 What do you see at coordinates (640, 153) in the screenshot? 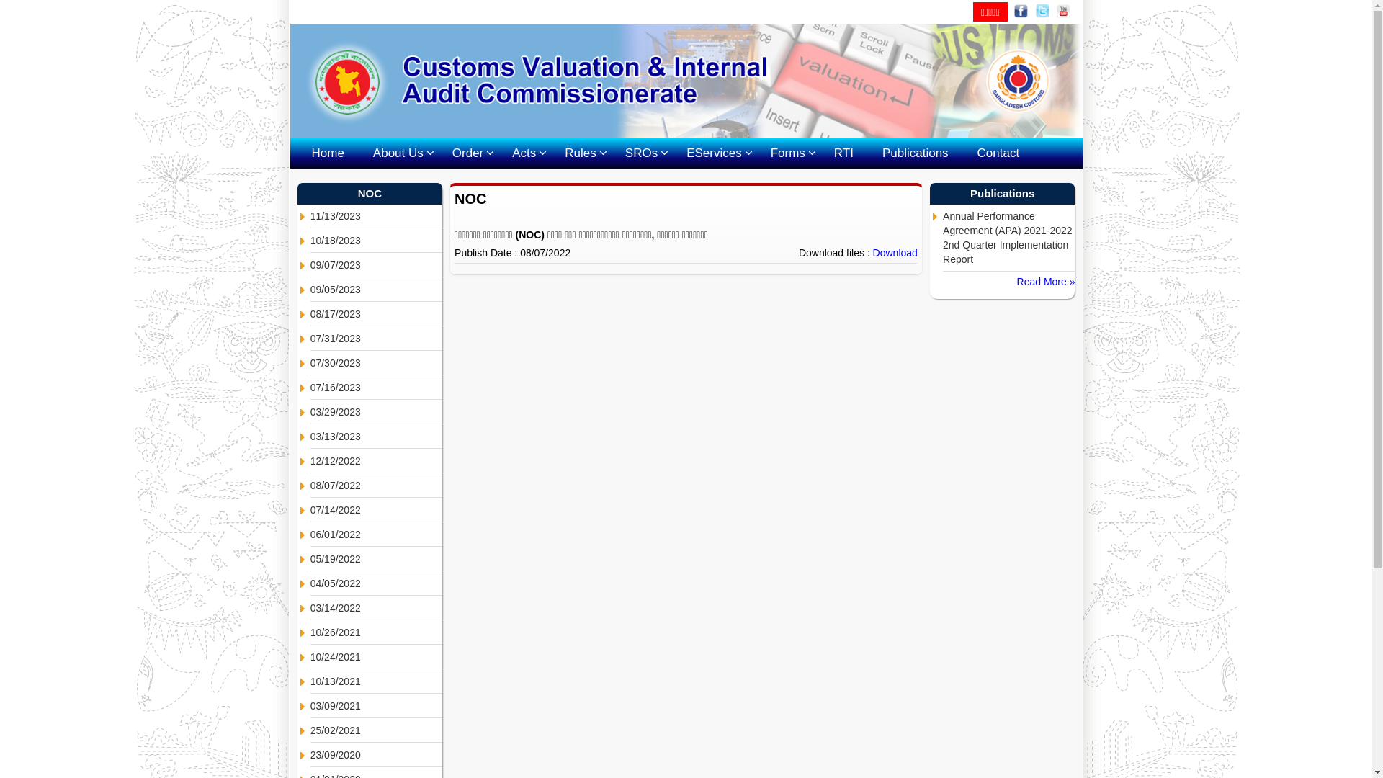
I see `'SROs'` at bounding box center [640, 153].